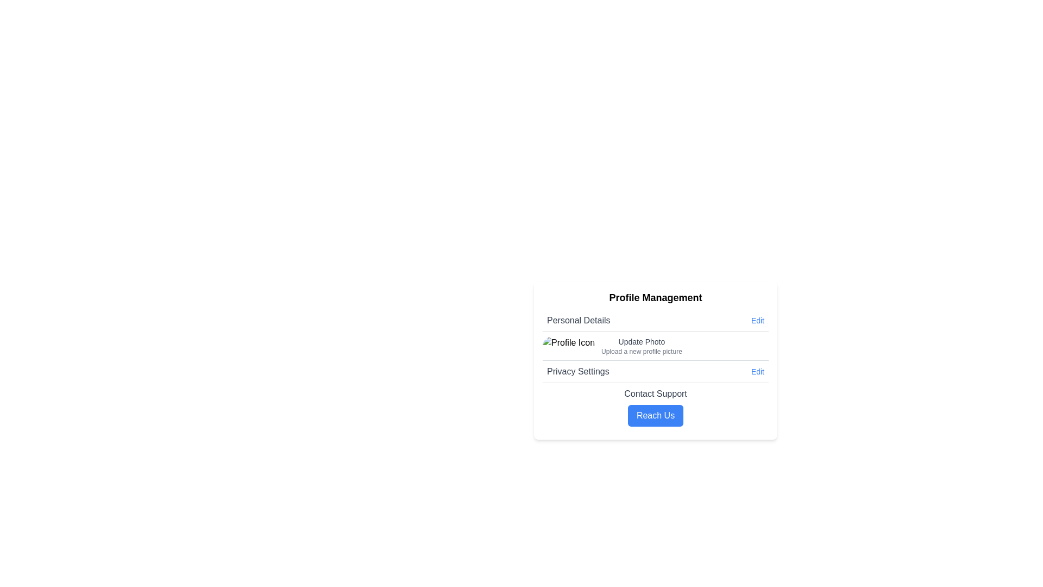 The height and width of the screenshot is (587, 1043). I want to click on the 'Personal Details' text label that identifies the section for viewing or editing personal details in the profile management interface, so click(578, 320).